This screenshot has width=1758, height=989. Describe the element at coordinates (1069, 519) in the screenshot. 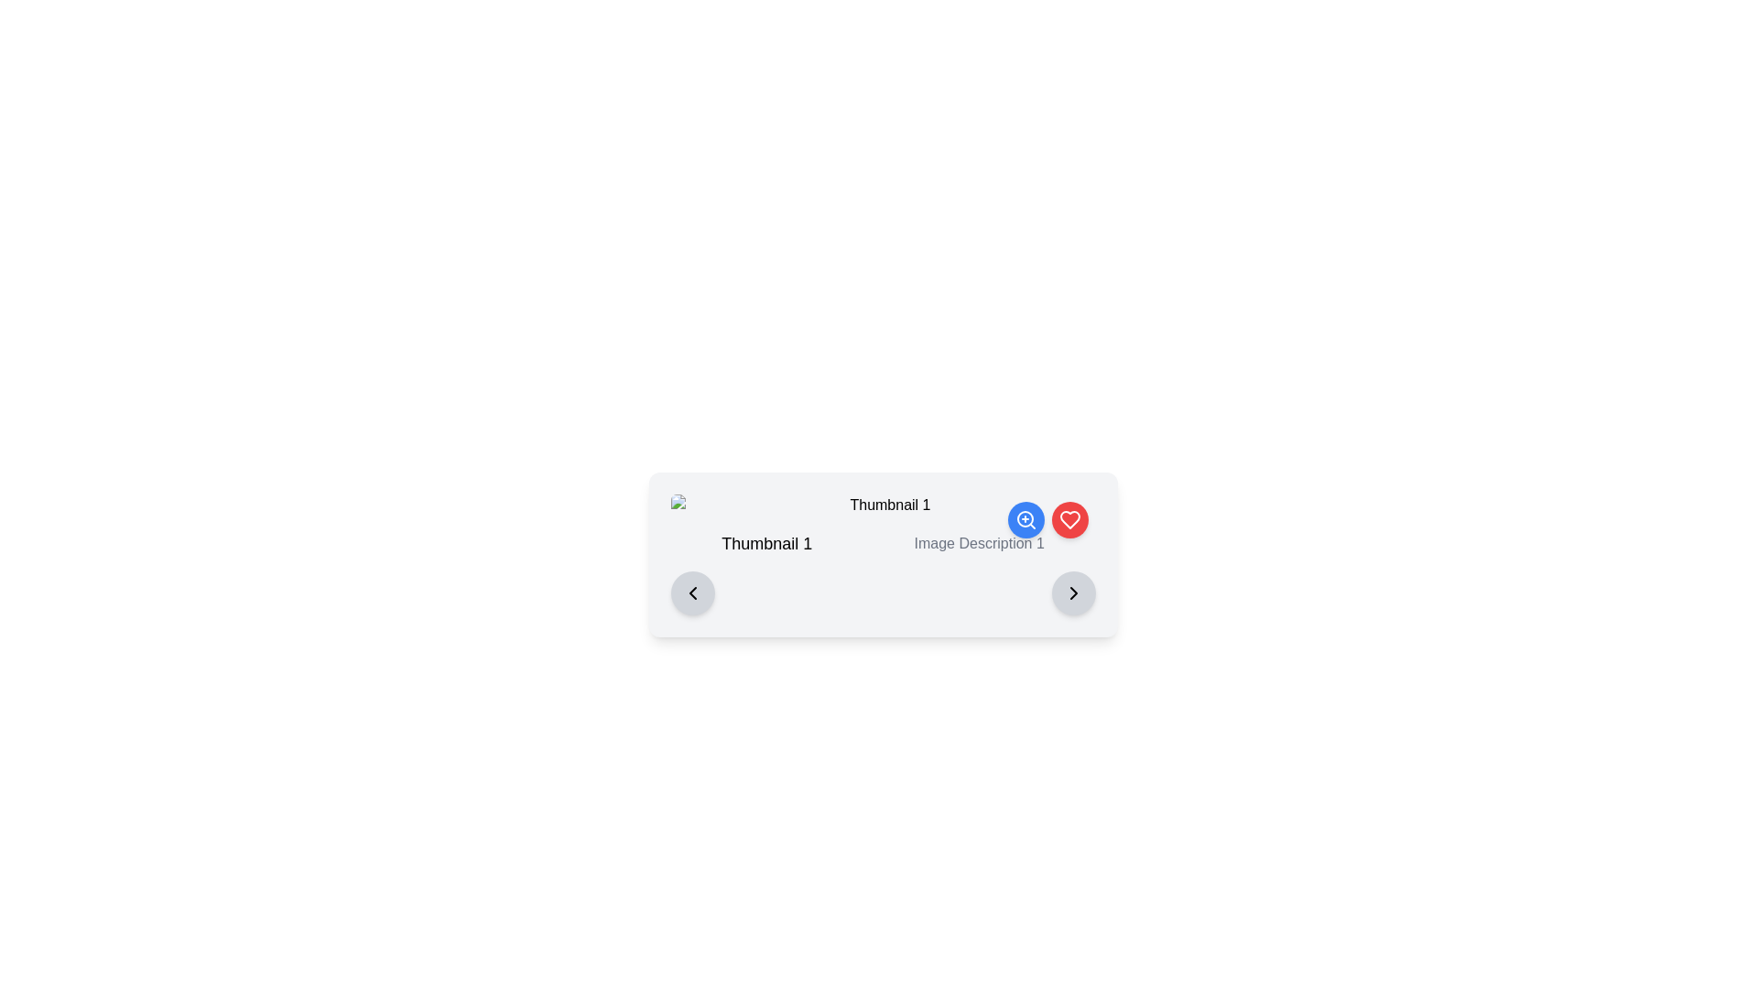

I see `the red heart-shaped icon button with a white border in the upper-right corner` at that location.